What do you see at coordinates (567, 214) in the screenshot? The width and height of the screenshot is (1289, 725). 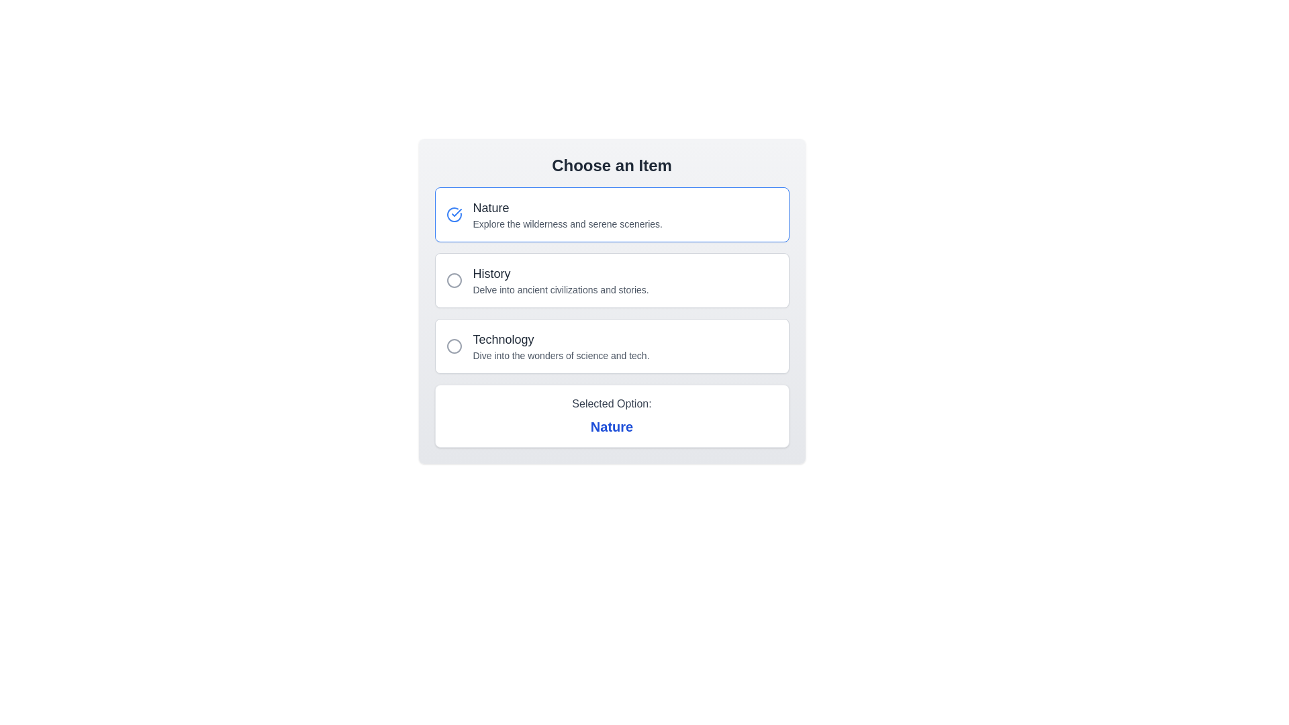 I see `text of the 'Nature' option in the selection group under the heading 'Choose an Item', which is visually emphasized with a background color and border` at bounding box center [567, 214].